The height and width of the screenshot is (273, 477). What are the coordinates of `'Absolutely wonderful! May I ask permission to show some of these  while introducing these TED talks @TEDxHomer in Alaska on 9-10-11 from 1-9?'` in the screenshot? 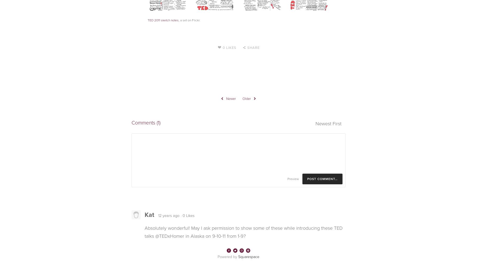 It's located at (244, 232).